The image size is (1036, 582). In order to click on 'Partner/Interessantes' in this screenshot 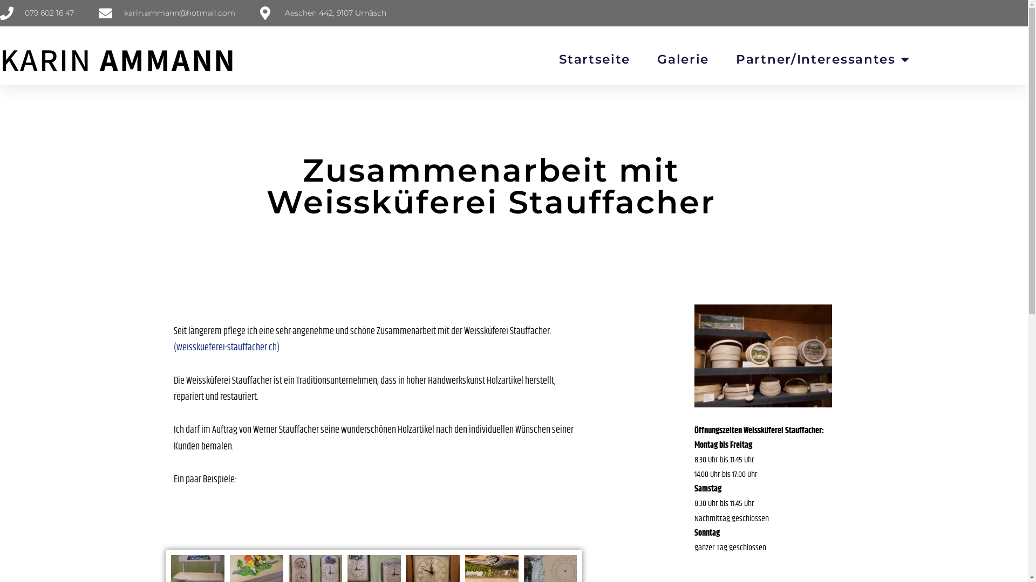, I will do `click(822, 59)`.